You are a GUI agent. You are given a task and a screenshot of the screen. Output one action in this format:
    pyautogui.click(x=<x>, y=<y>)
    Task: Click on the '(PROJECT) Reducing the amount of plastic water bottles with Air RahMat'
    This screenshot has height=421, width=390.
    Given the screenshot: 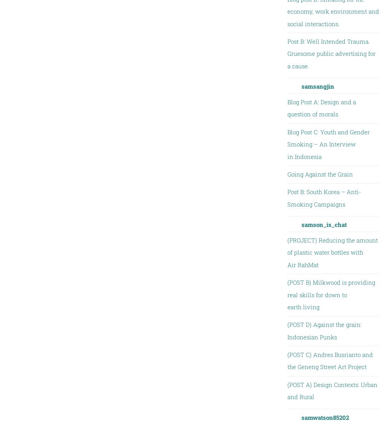 What is the action you would take?
    pyautogui.click(x=332, y=252)
    